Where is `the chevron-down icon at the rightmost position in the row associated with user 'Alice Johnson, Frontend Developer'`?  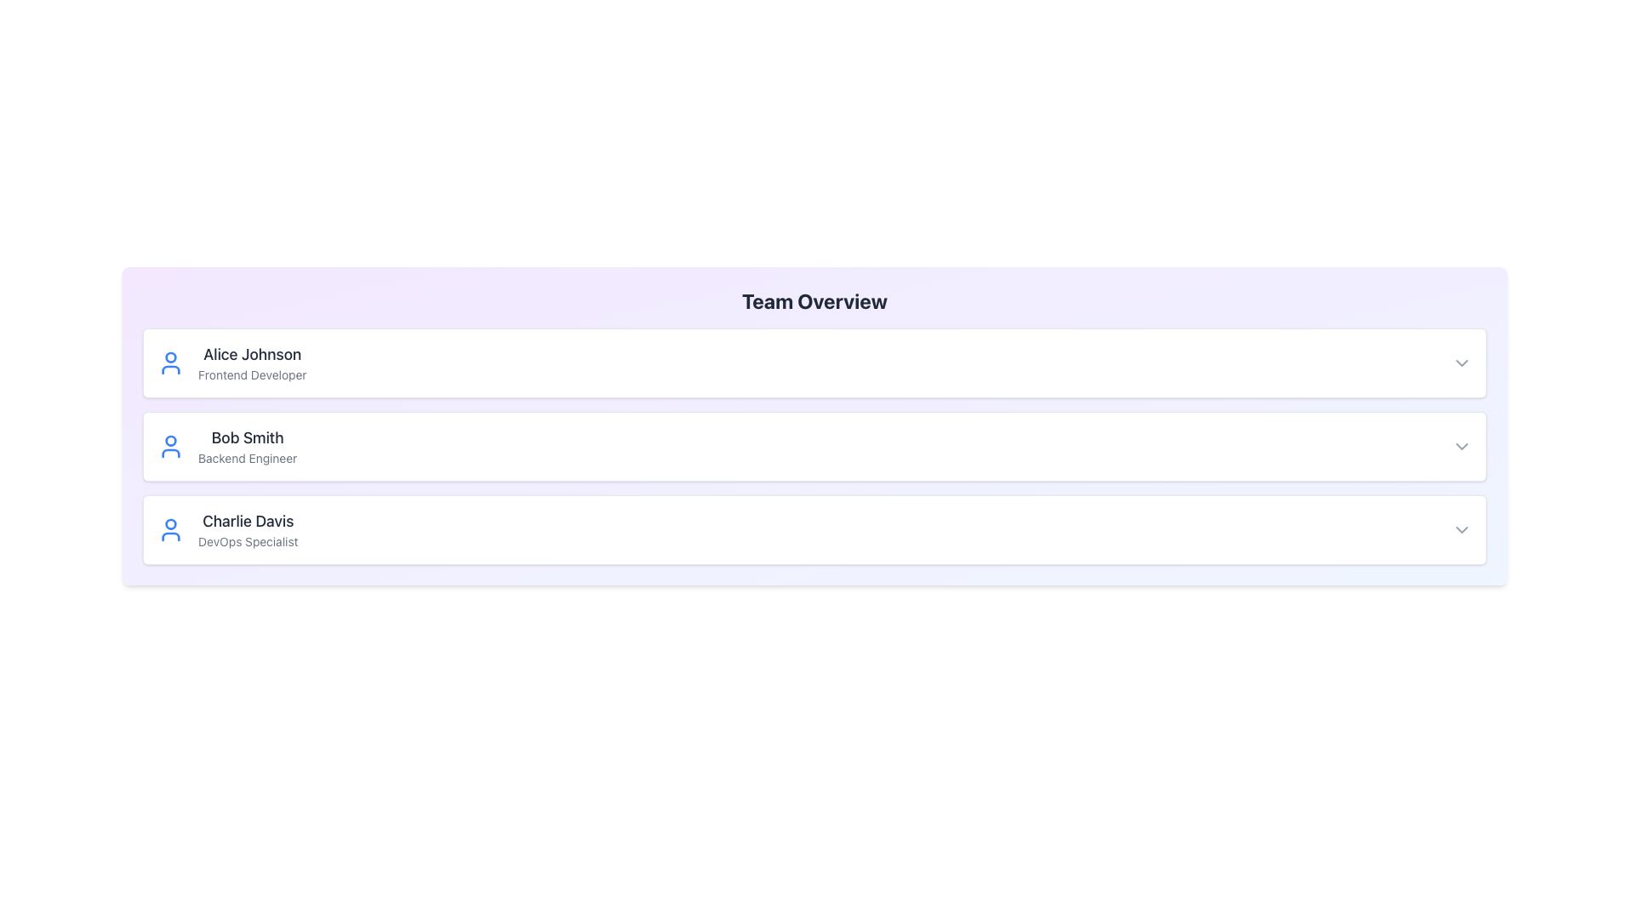 the chevron-down icon at the rightmost position in the row associated with user 'Alice Johnson, Frontend Developer' is located at coordinates (1461, 362).